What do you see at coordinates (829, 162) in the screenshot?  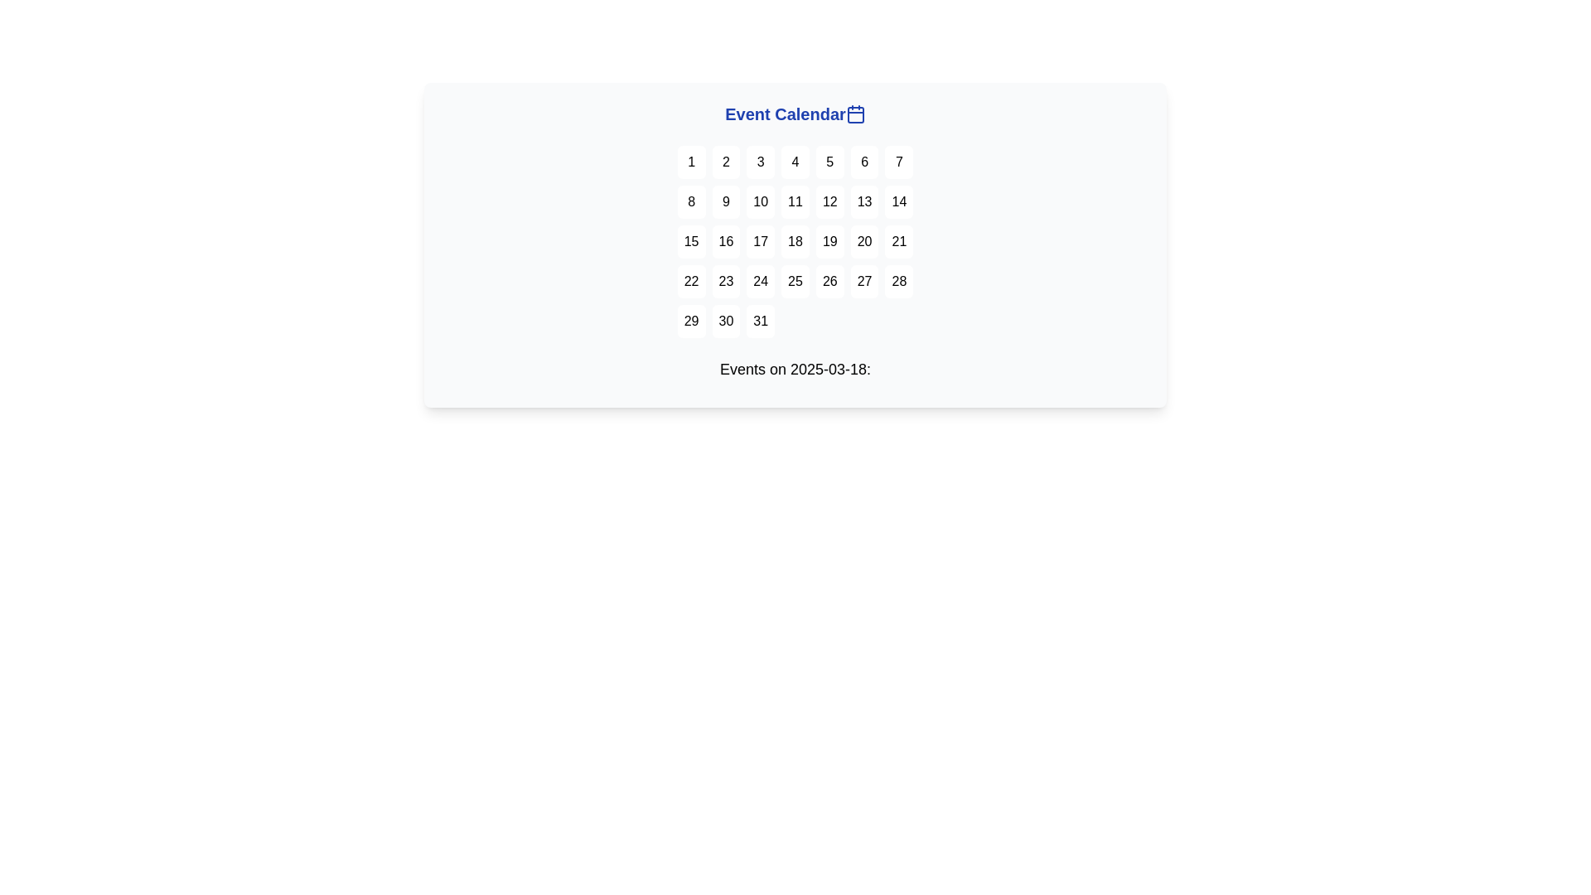 I see `the button displaying the number '5' in the calendar grid` at bounding box center [829, 162].